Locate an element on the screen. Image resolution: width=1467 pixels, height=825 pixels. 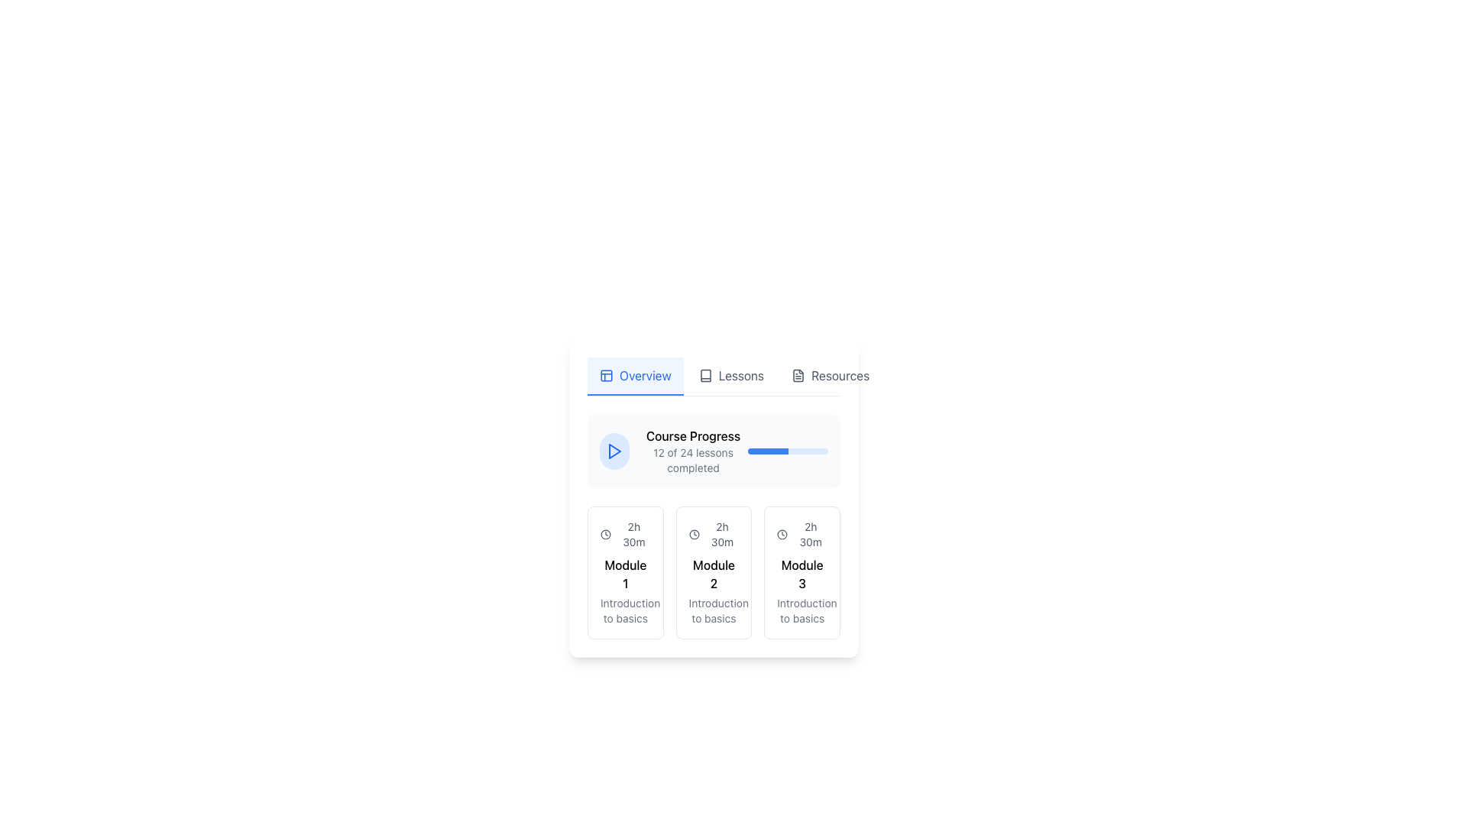
clock icon located in the lower section of the 'Module 3' card, which features a minimalist design with hour and minute hands is located at coordinates (782, 533).